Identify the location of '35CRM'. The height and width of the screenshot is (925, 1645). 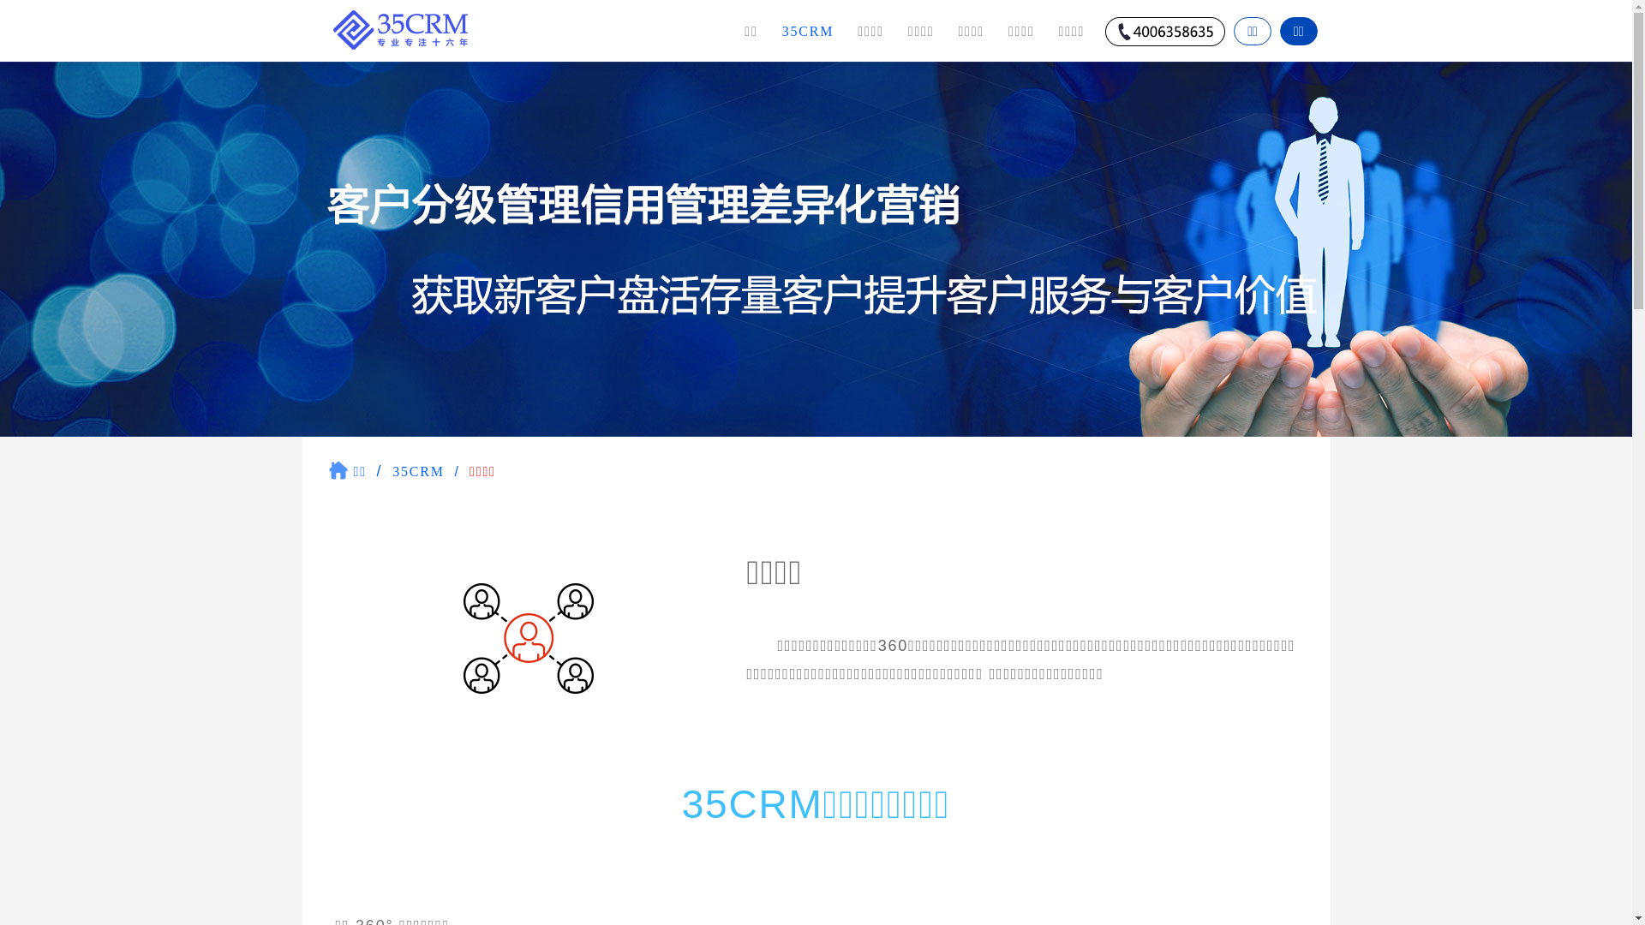
(807, 30).